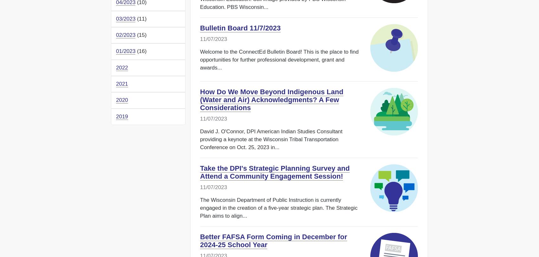 The image size is (539, 257). Describe the element at coordinates (200, 172) in the screenshot. I see `'Take the DPI's Strategic Planning Survey and Attend a Community Engagement Session!'` at that location.